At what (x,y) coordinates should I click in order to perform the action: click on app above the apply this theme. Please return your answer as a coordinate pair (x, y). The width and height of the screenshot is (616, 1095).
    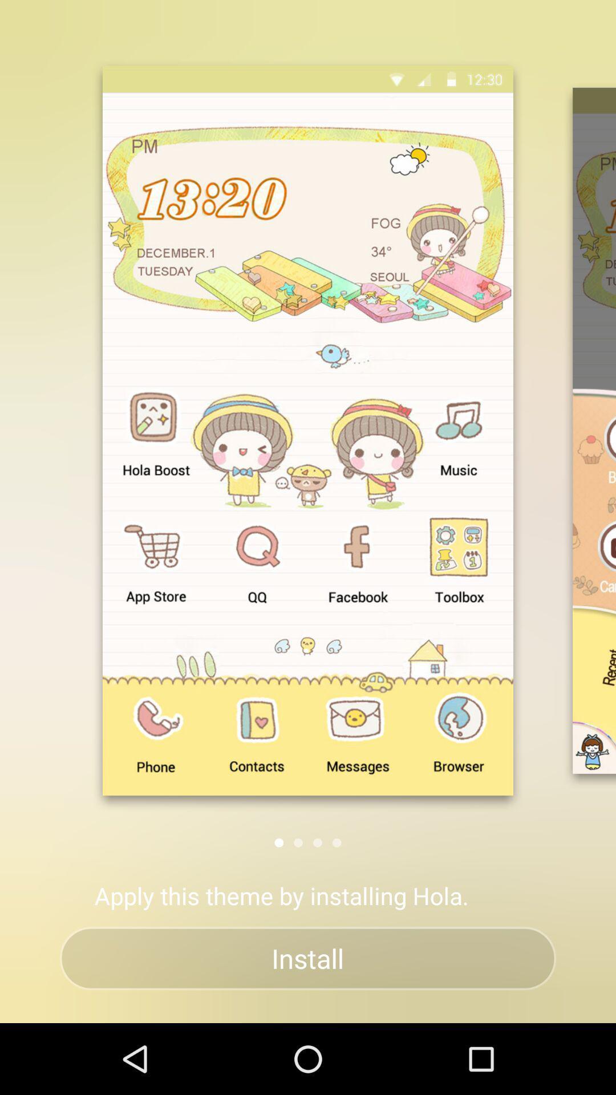
    Looking at the image, I should click on (336, 842).